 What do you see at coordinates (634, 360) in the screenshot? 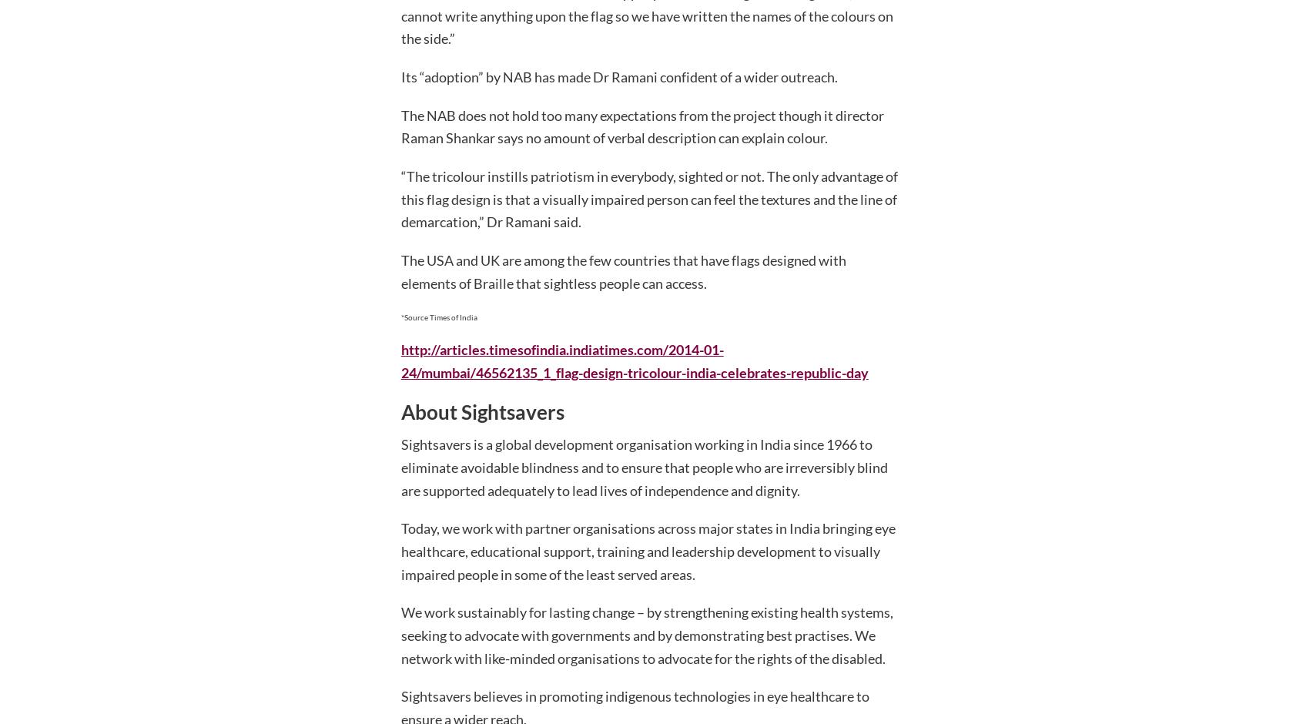
I see `'http://articles.timesofindia.indiatimes.com/2014-01-24/mumbai/46562135_1_flag-design-tricolour-india-celebrates-republic-day'` at bounding box center [634, 360].